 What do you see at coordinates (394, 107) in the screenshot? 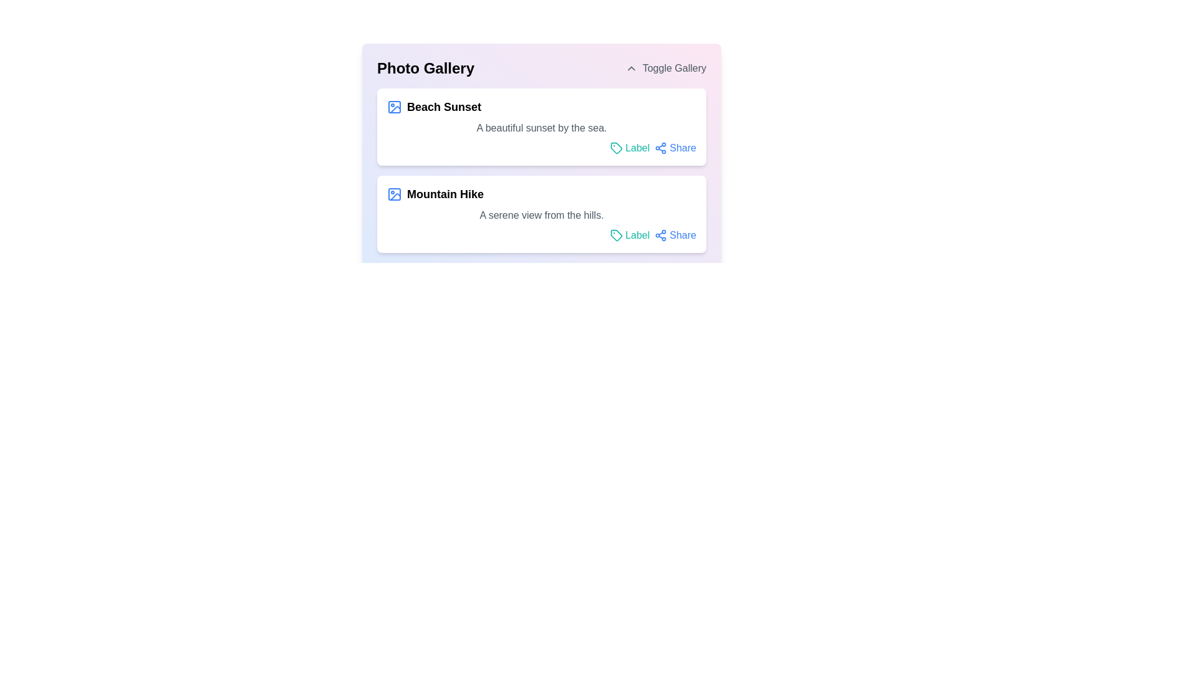
I see `the decorative icon representing 'Beach Sunset' in the 'Photo Gallery' list by moving the cursor to its center` at bounding box center [394, 107].